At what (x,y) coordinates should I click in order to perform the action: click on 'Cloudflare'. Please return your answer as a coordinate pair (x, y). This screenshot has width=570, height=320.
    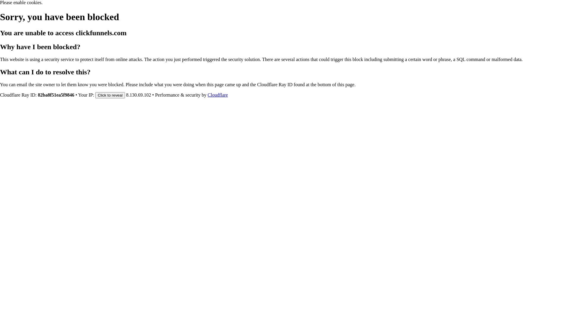
    Looking at the image, I should click on (208, 95).